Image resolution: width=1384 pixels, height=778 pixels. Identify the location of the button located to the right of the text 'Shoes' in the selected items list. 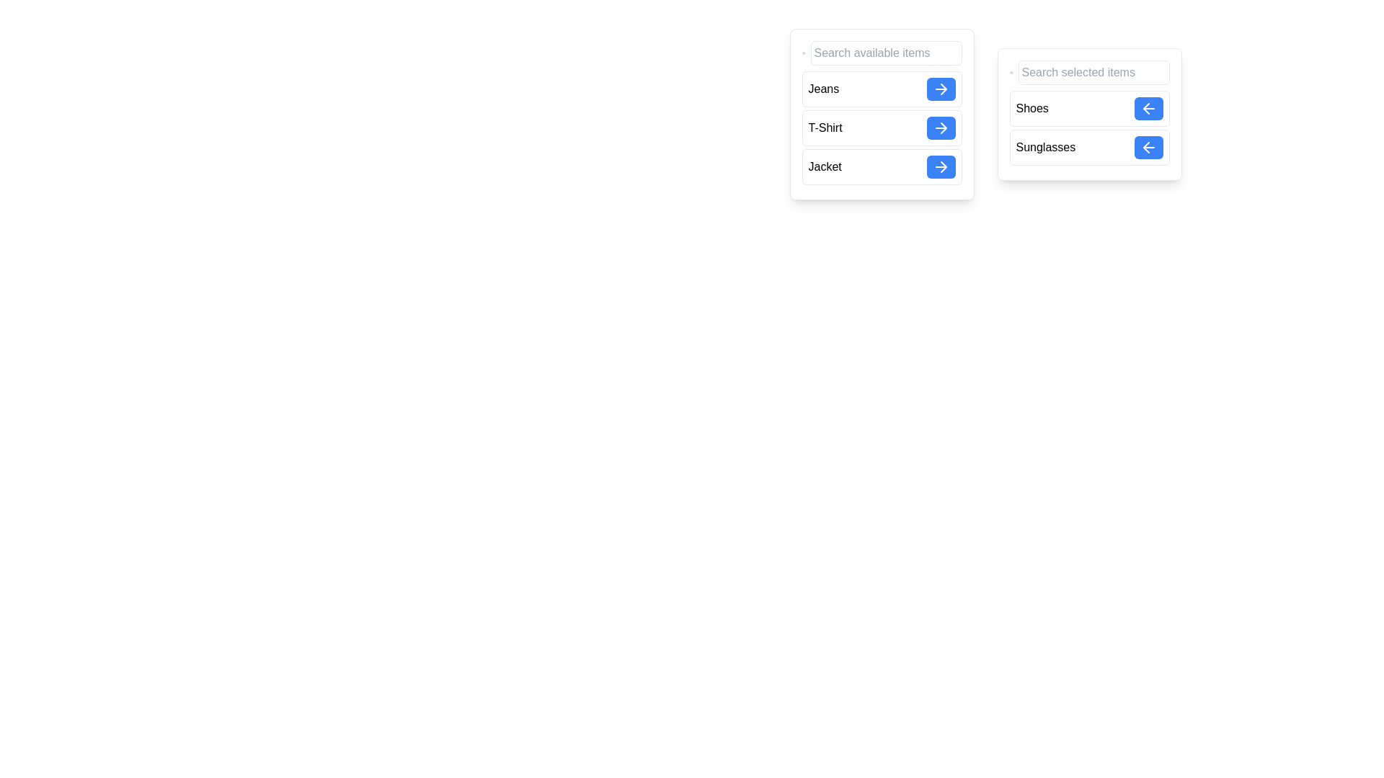
(1148, 107).